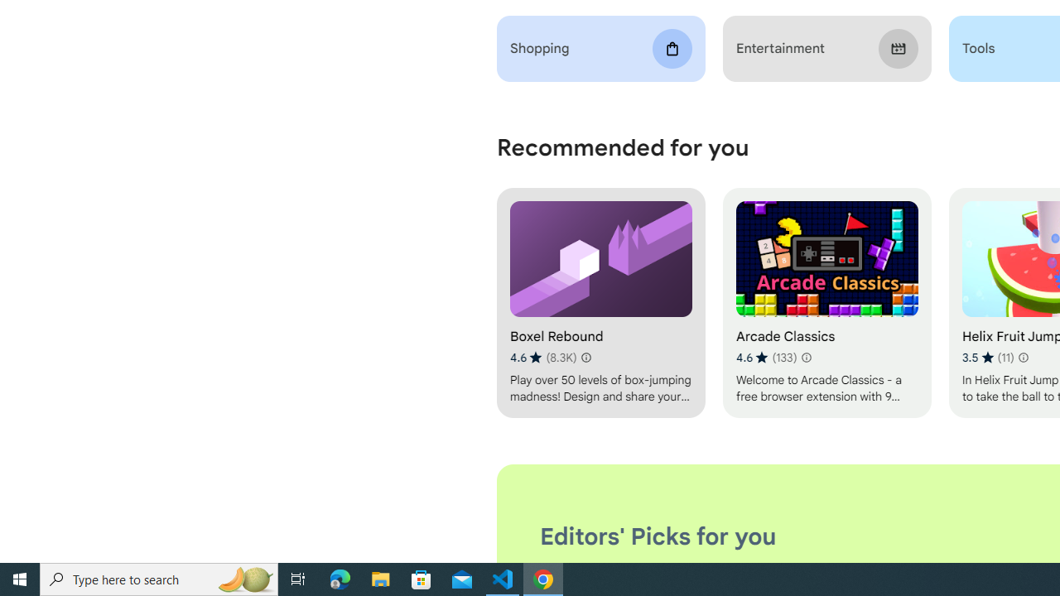 This screenshot has width=1060, height=596. Describe the element at coordinates (765, 357) in the screenshot. I see `'Average rating 4.6 out of 5 stars. 133 ratings.'` at that location.